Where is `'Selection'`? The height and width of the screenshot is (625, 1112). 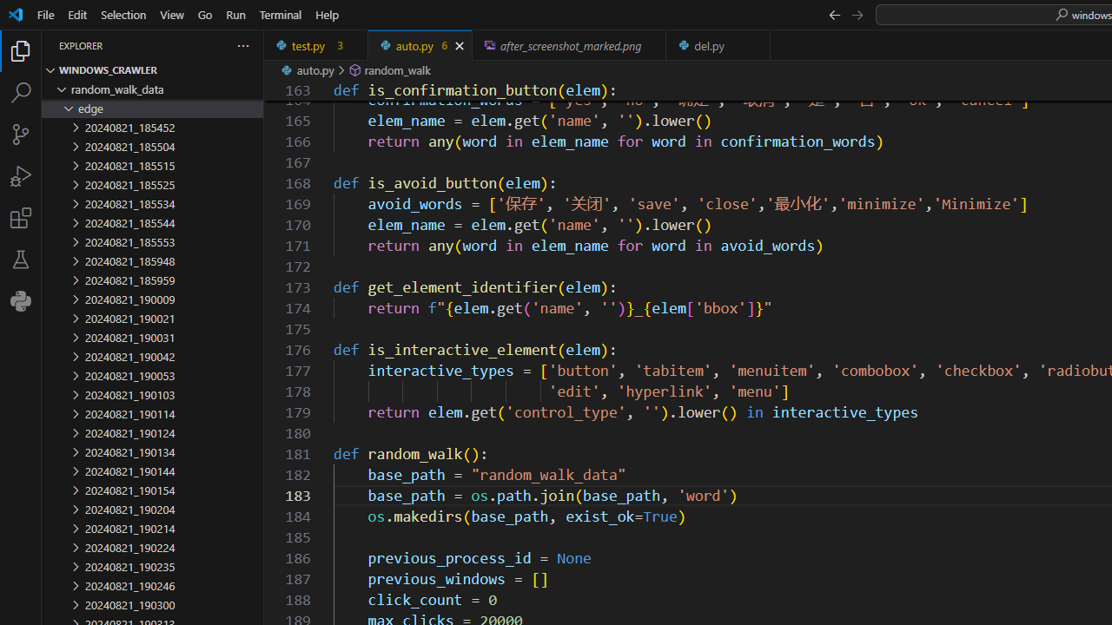
'Selection' is located at coordinates (122, 14).